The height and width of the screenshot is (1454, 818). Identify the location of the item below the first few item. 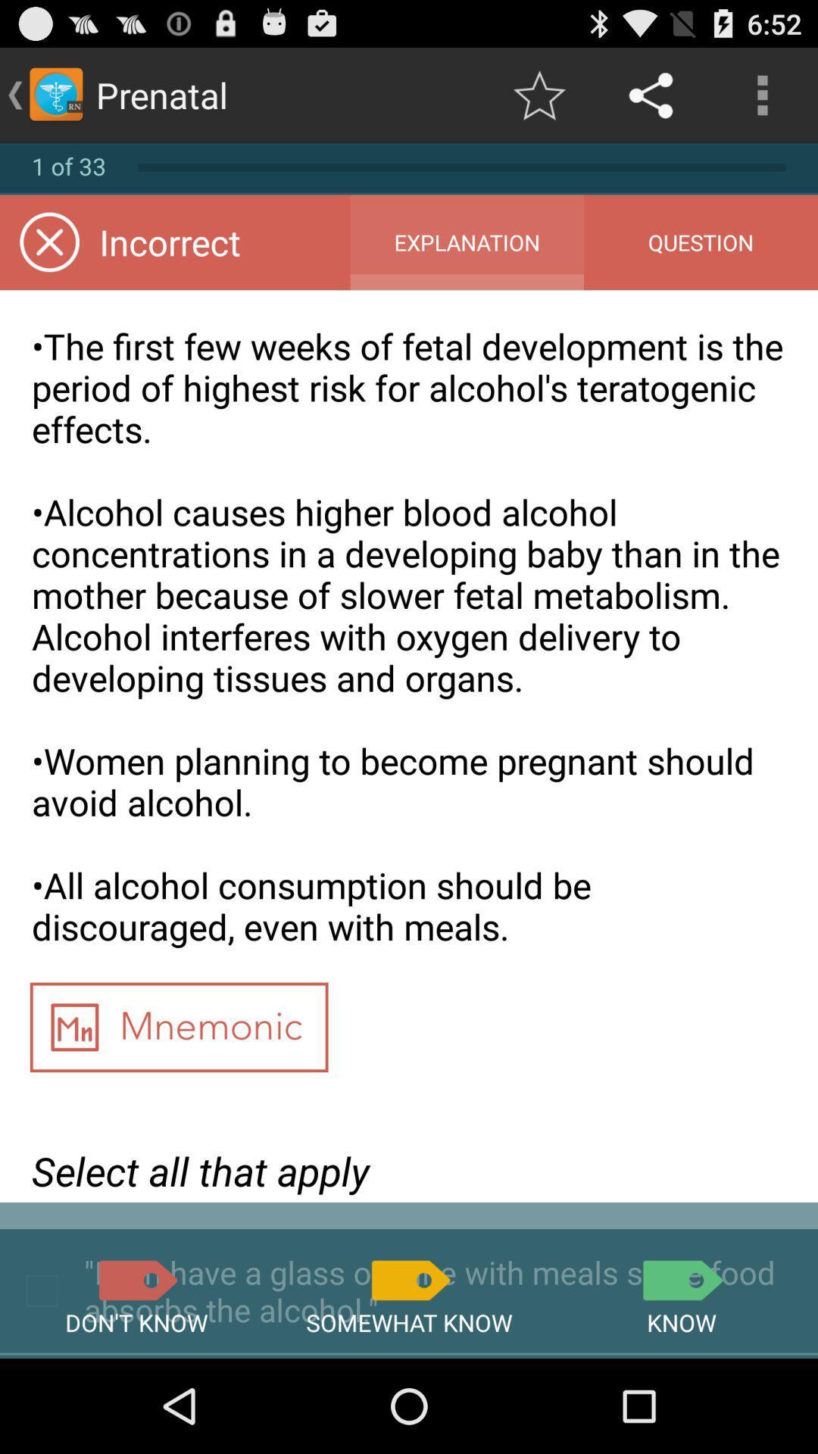
(178, 1031).